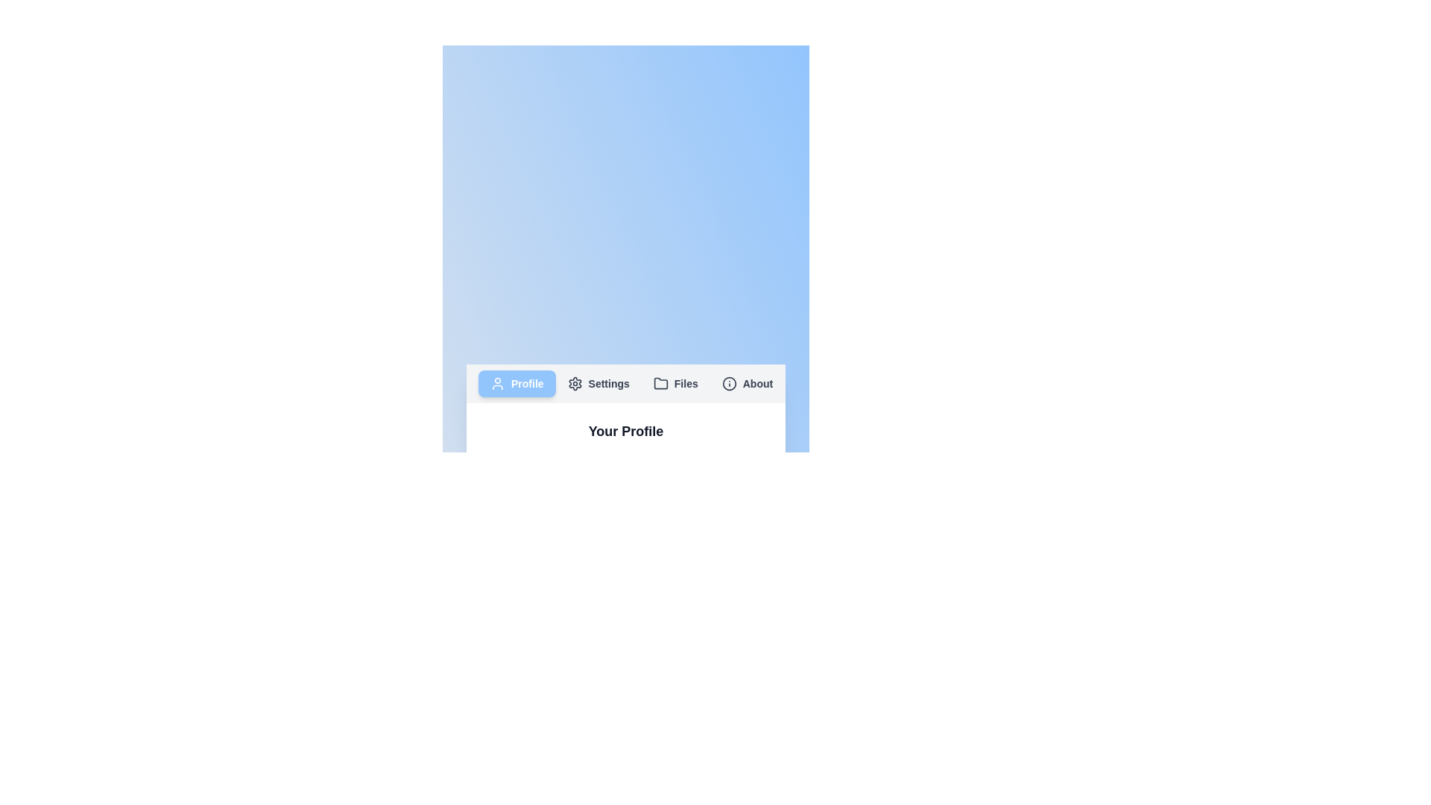 The width and height of the screenshot is (1431, 805). What do you see at coordinates (527, 383) in the screenshot?
I see `the Profile label in the navigation bar` at bounding box center [527, 383].